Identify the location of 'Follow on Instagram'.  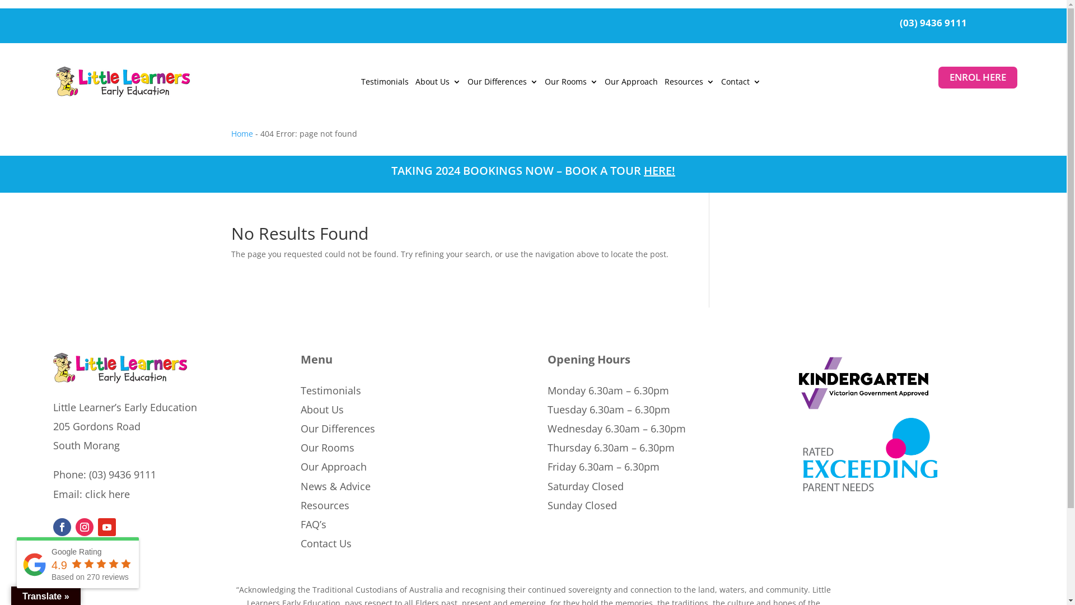
(74, 527).